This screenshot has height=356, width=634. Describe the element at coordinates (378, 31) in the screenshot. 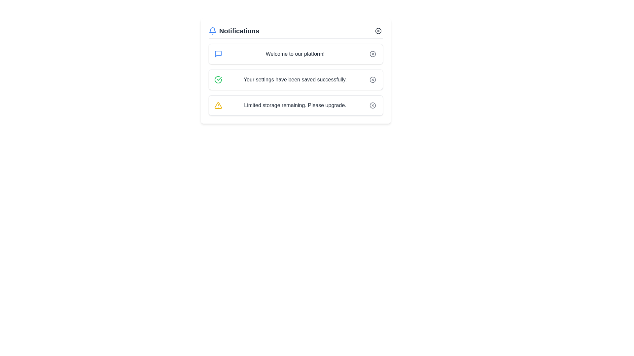

I see `the dismiss button located at the rightmost position of the notifications module header` at that location.